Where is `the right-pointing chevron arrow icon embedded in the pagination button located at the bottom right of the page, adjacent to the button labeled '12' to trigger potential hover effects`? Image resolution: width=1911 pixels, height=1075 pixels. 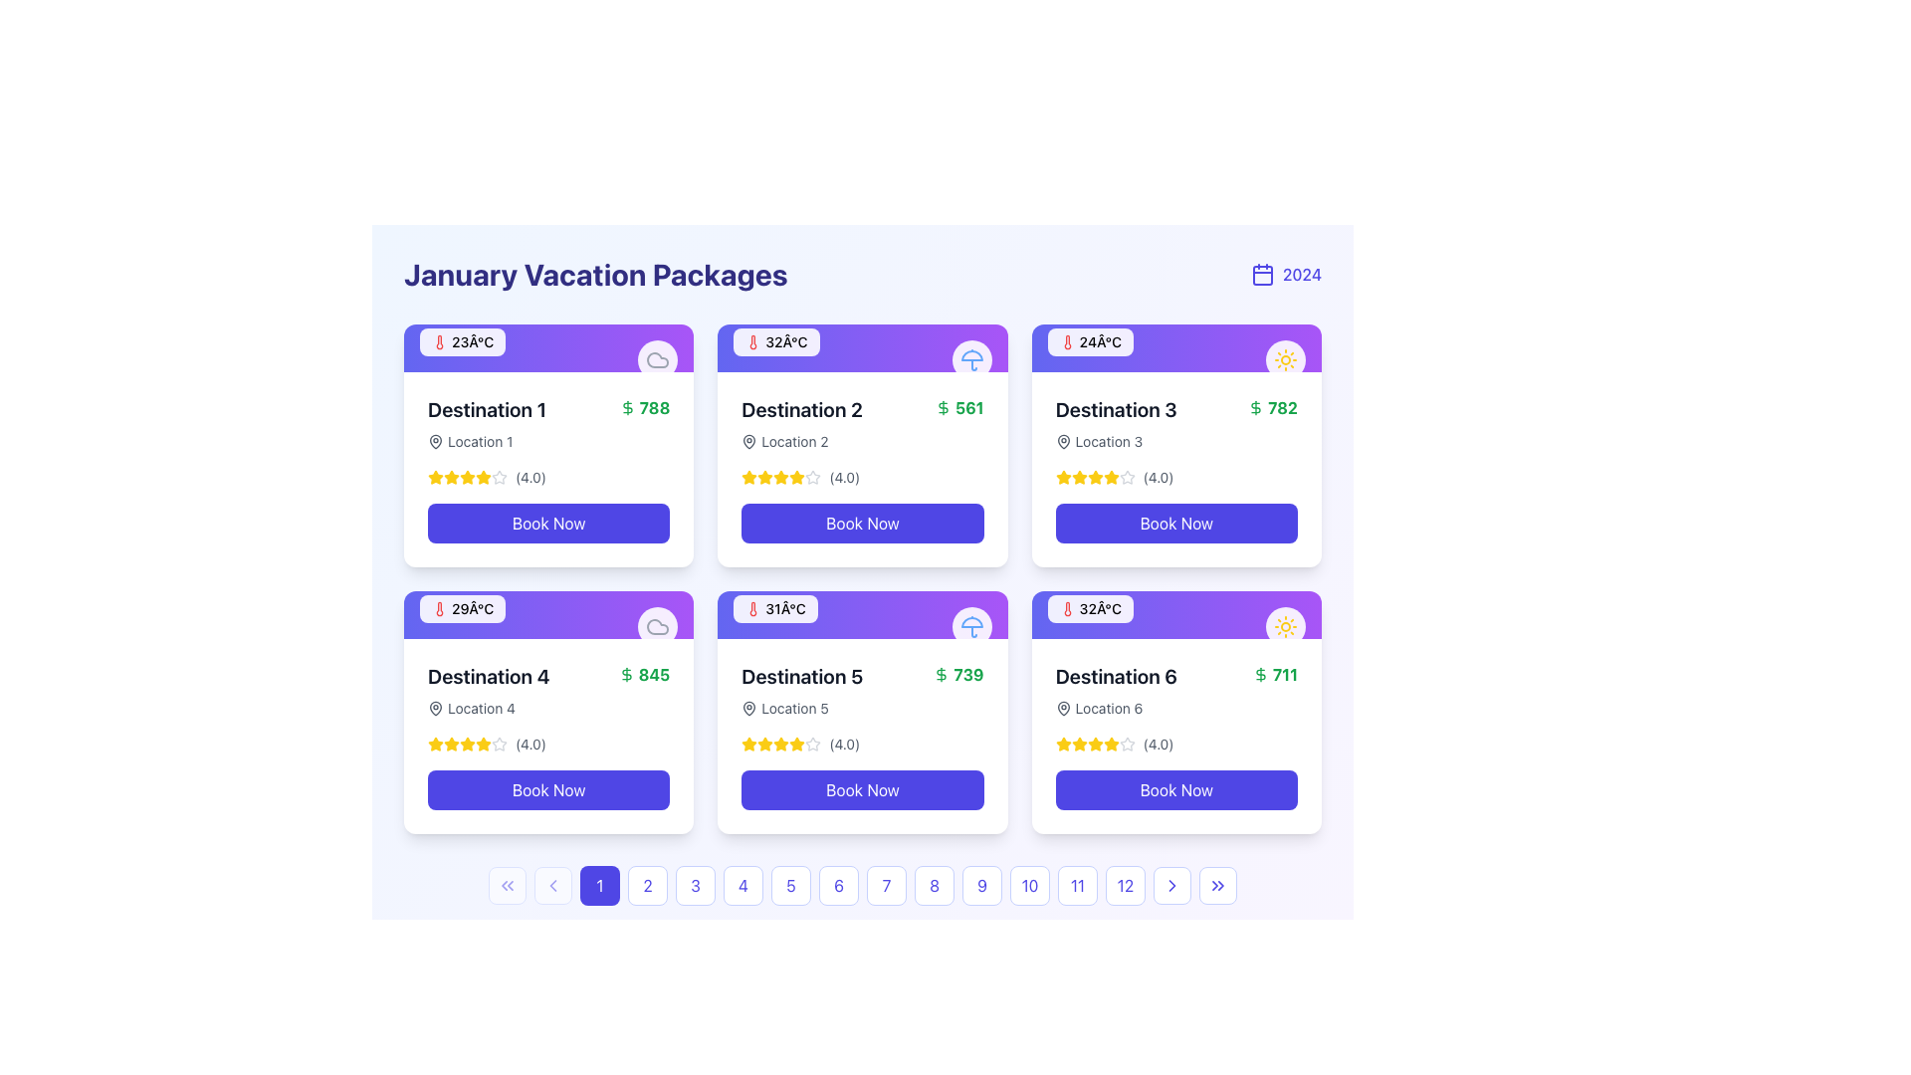
the right-pointing chevron arrow icon embedded in the pagination button located at the bottom right of the page, adjacent to the button labeled '12' to trigger potential hover effects is located at coordinates (1171, 885).